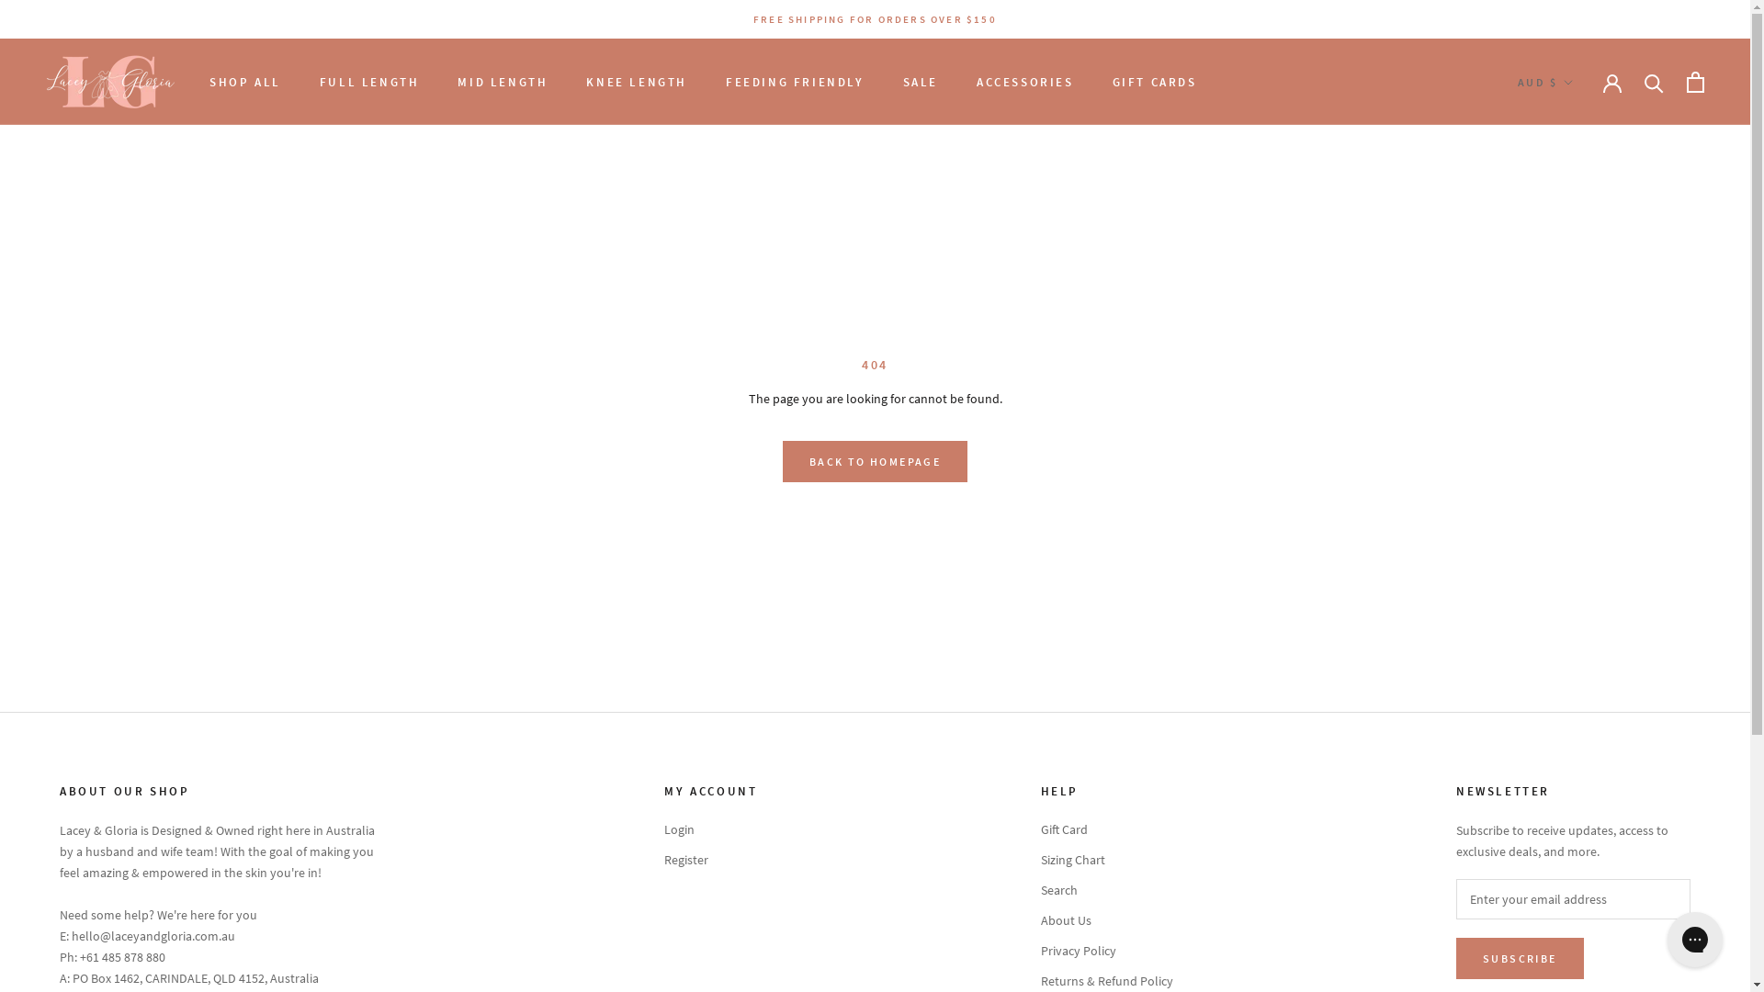 Image resolution: width=1764 pixels, height=992 pixels. What do you see at coordinates (709, 829) in the screenshot?
I see `'Login'` at bounding box center [709, 829].